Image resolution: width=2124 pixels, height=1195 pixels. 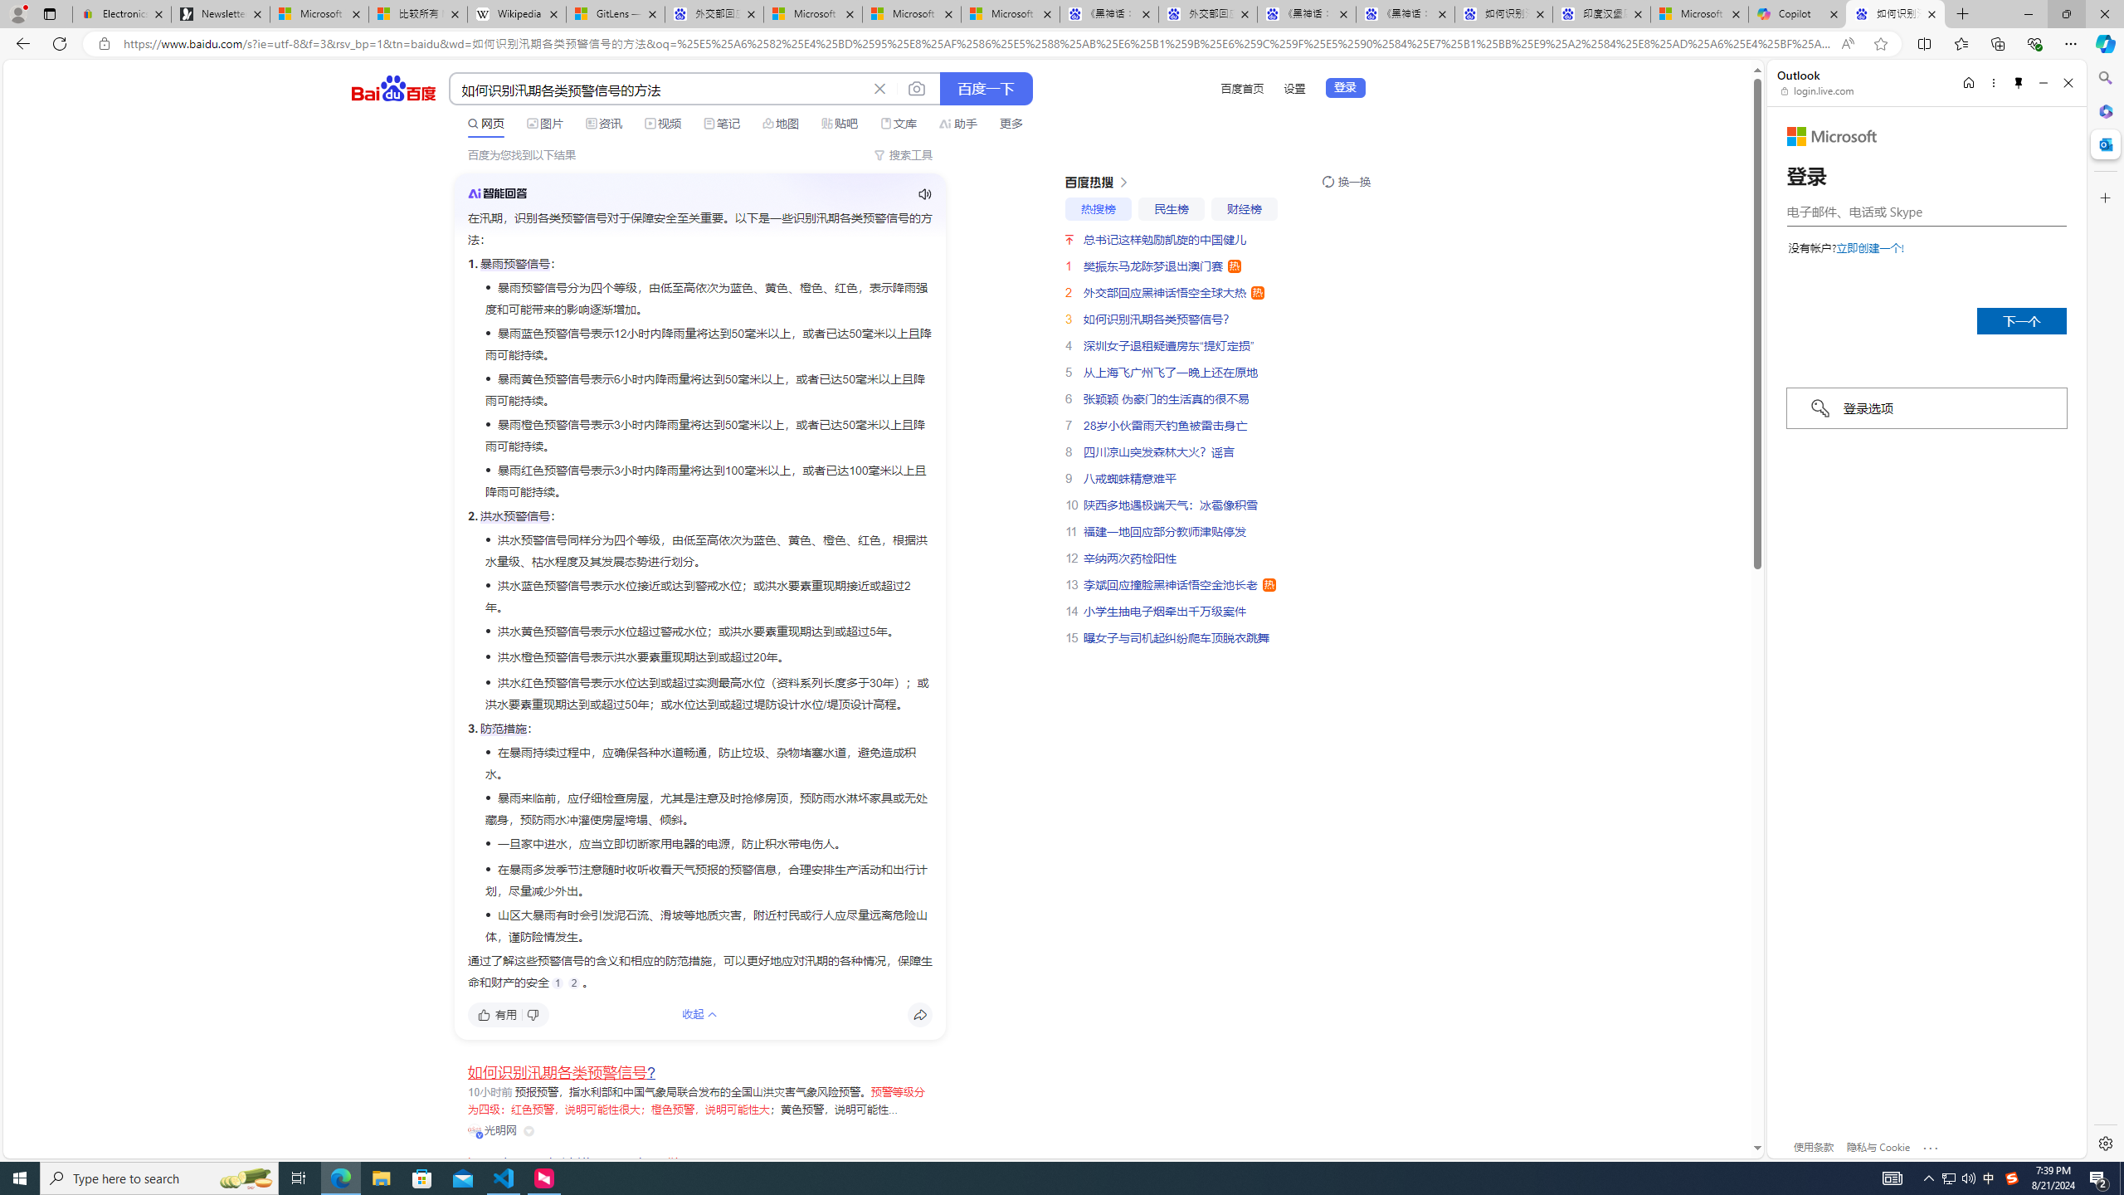 What do you see at coordinates (2019, 82) in the screenshot?
I see `'Unpin side pane'` at bounding box center [2019, 82].